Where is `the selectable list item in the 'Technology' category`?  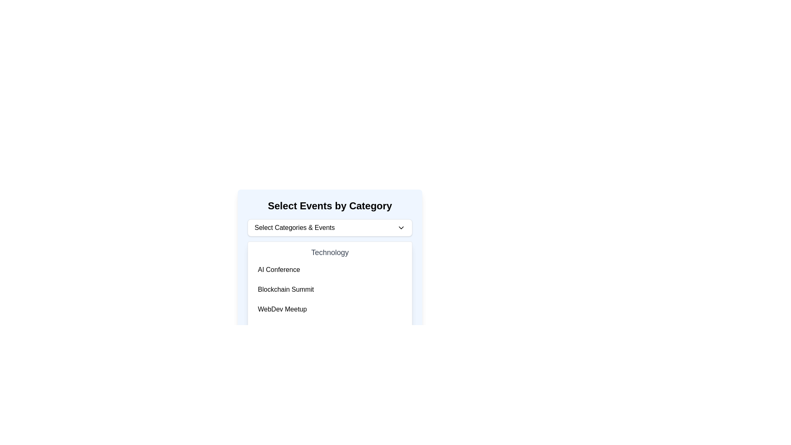
the selectable list item in the 'Technology' category is located at coordinates (330, 282).